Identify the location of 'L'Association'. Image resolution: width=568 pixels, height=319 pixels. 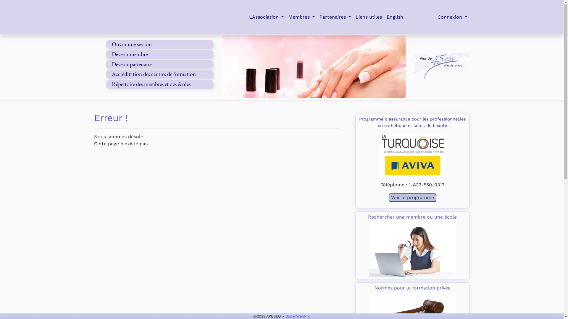
(247, 17).